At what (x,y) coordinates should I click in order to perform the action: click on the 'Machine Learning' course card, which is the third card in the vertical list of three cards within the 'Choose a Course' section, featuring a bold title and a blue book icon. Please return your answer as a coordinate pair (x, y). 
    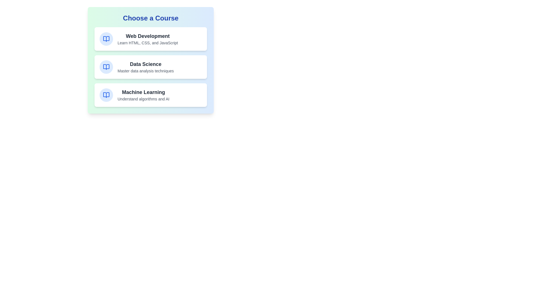
    Looking at the image, I should click on (151, 95).